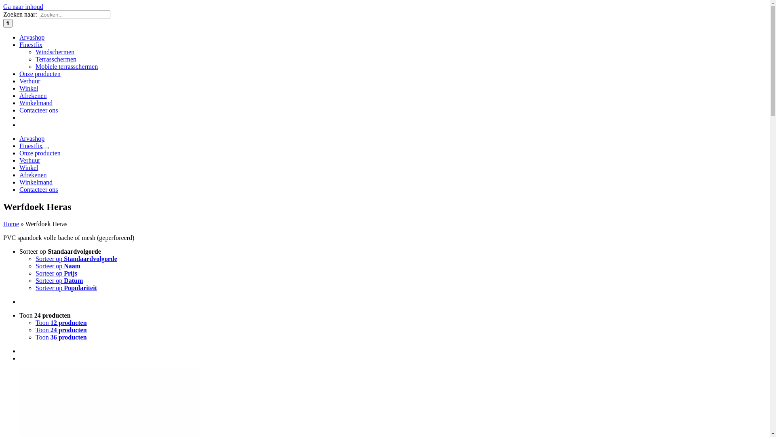 The height and width of the screenshot is (437, 776). Describe the element at coordinates (19, 174) in the screenshot. I see `'Afrekenen'` at that location.